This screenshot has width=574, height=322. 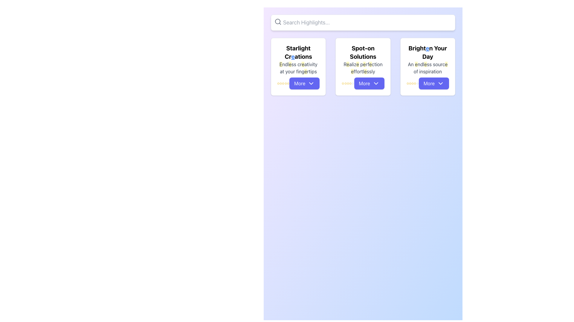 I want to click on the fifth yellow star icon representing a rating in the 'Starlight Creations' card, so click(x=283, y=83).